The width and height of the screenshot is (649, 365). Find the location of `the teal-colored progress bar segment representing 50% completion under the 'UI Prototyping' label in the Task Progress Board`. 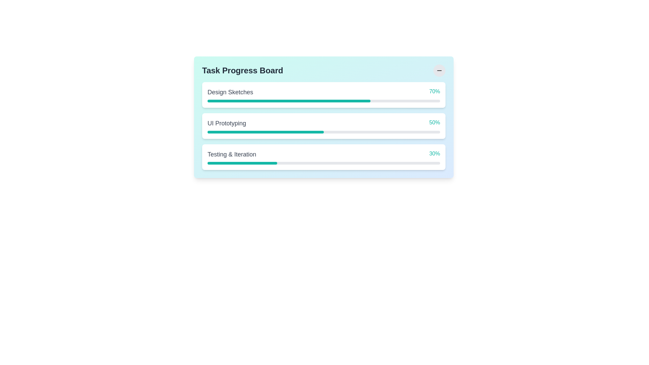

the teal-colored progress bar segment representing 50% completion under the 'UI Prototyping' label in the Task Progress Board is located at coordinates (265, 132).